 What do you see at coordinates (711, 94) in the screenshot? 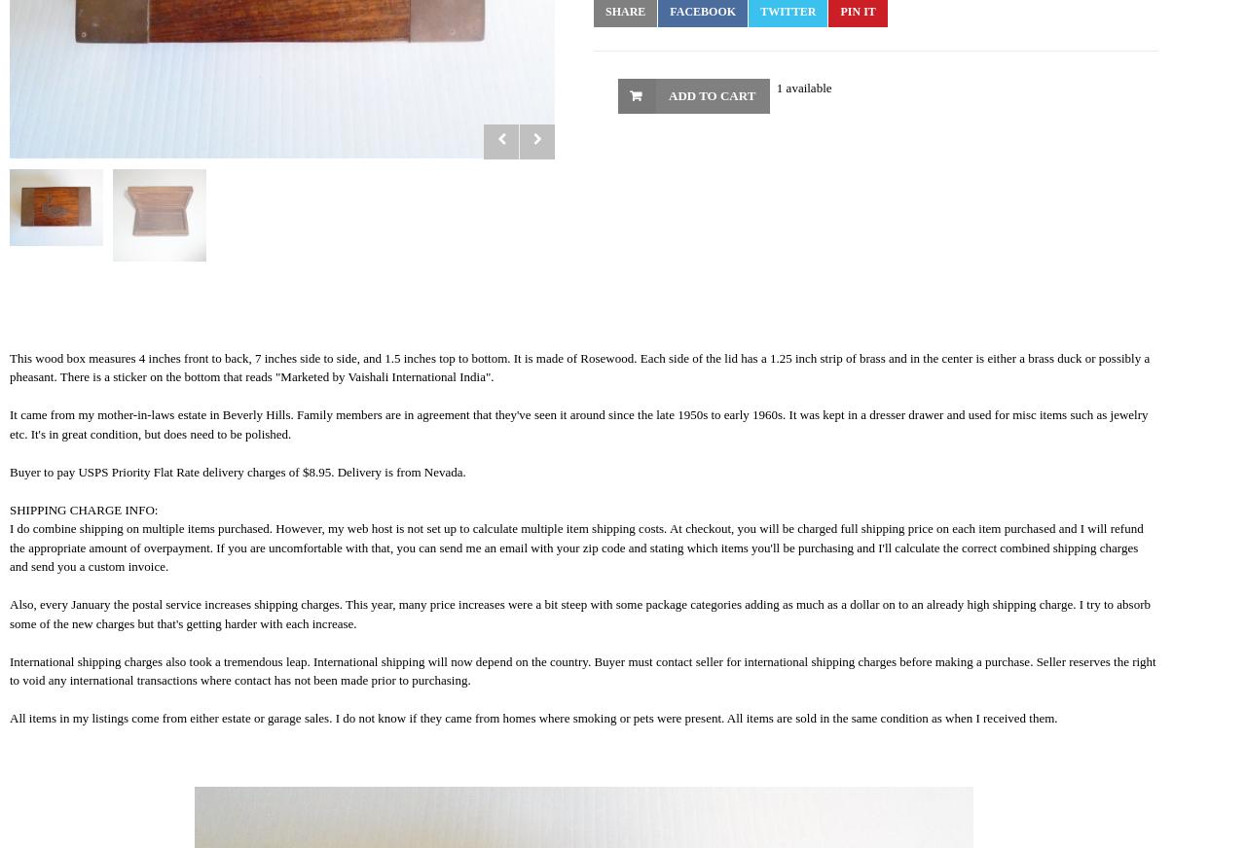
I see `'Add to Cart'` at bounding box center [711, 94].